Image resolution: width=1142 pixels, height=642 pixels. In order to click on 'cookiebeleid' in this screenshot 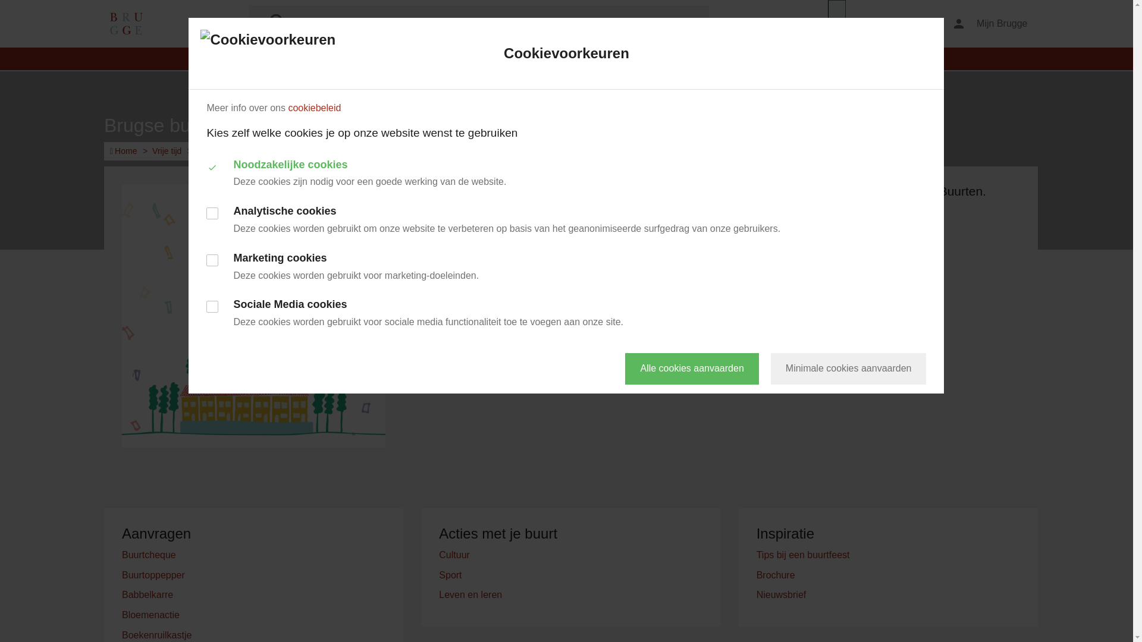, I will do `click(314, 108)`.